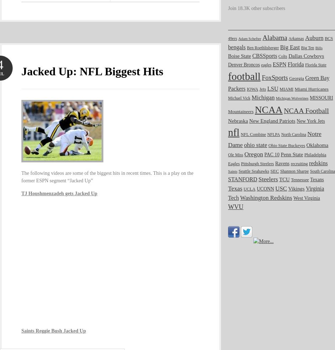 This screenshot has height=350, width=335. What do you see at coordinates (295, 38) in the screenshot?
I see `'Arkansas'` at bounding box center [295, 38].